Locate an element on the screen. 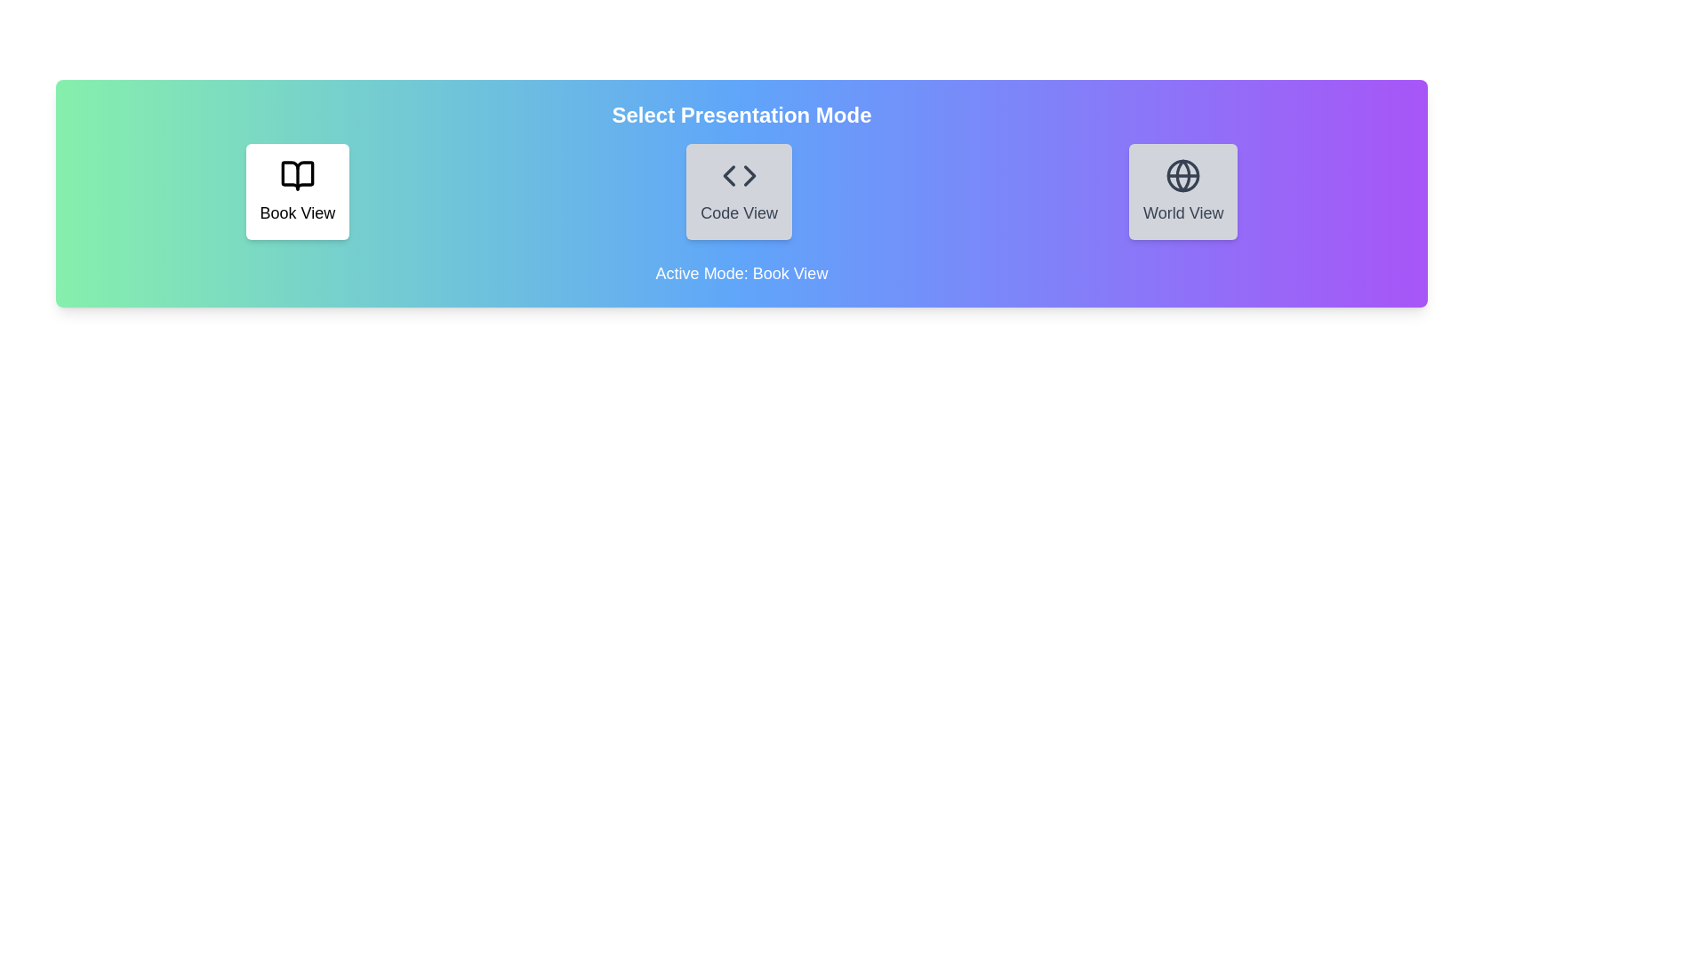 This screenshot has height=960, width=1707. the Book View button to interact with its visual layout is located at coordinates (297, 192).